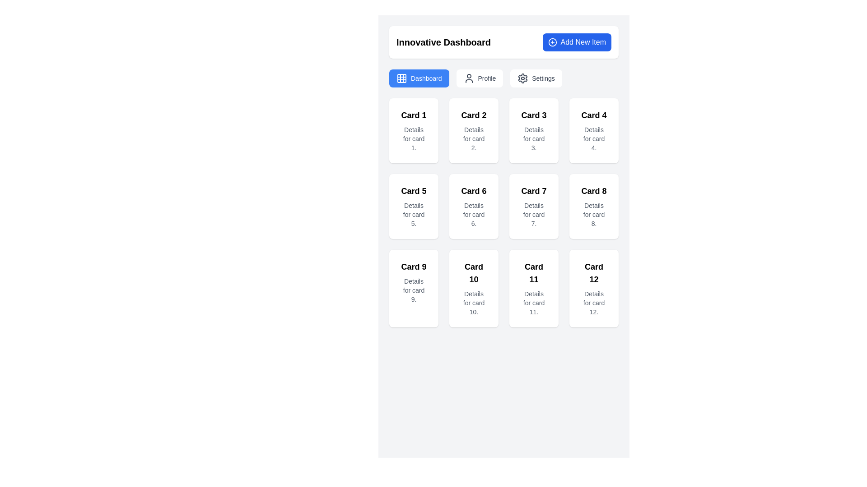  I want to click on the gear-shaped icon that is part of the 'Settings' button, located to the left of the label text 'Settings', so click(523, 78).